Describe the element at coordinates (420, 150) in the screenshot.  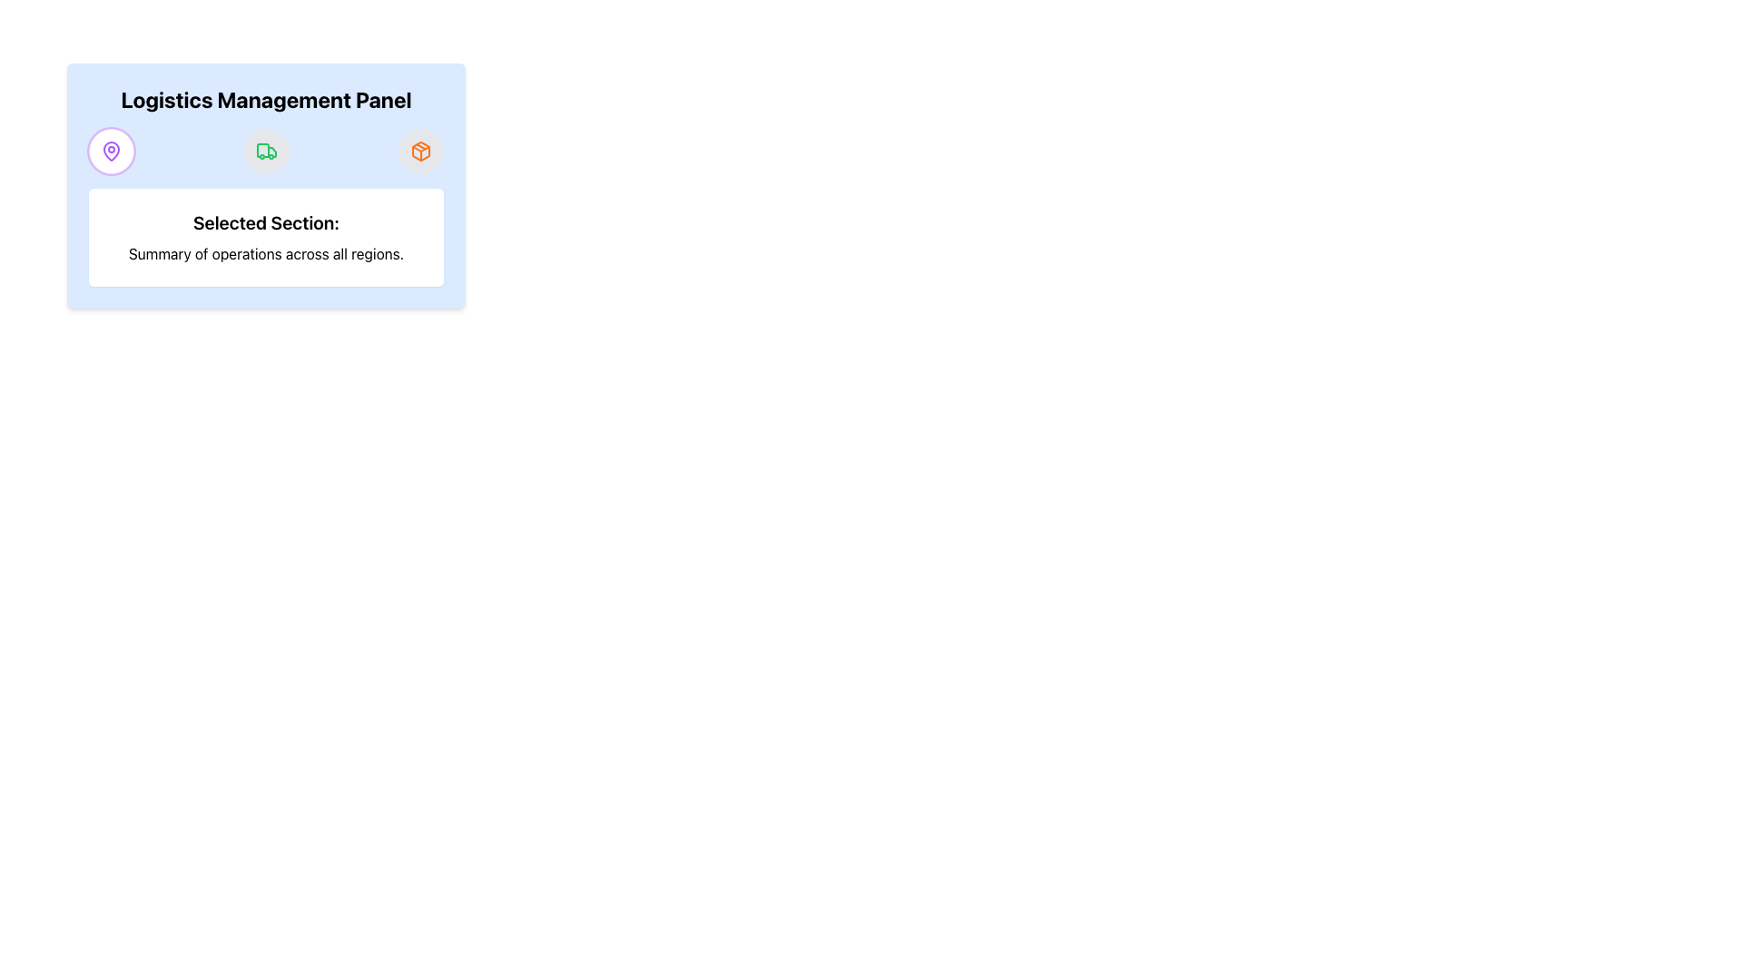
I see `the third button in the horizontal row of the 'Logistics Management Panel'` at that location.